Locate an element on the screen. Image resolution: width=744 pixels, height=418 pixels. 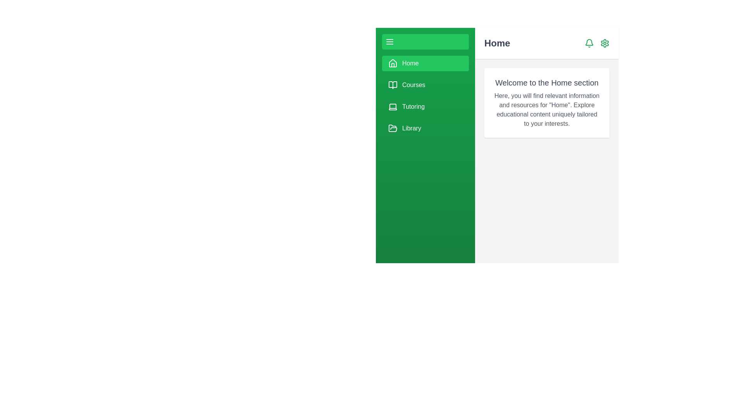
the 'Courses' text label in the vertical navigation bar is located at coordinates (413, 85).